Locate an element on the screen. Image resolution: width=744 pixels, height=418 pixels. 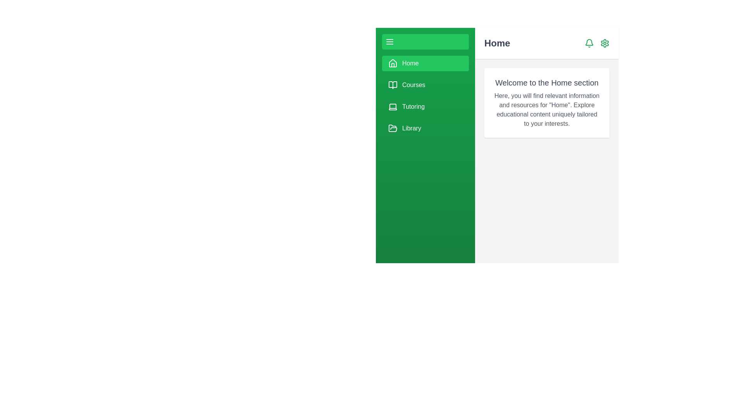
the 'Courses' text label in the vertical navigation bar is located at coordinates (413, 85).